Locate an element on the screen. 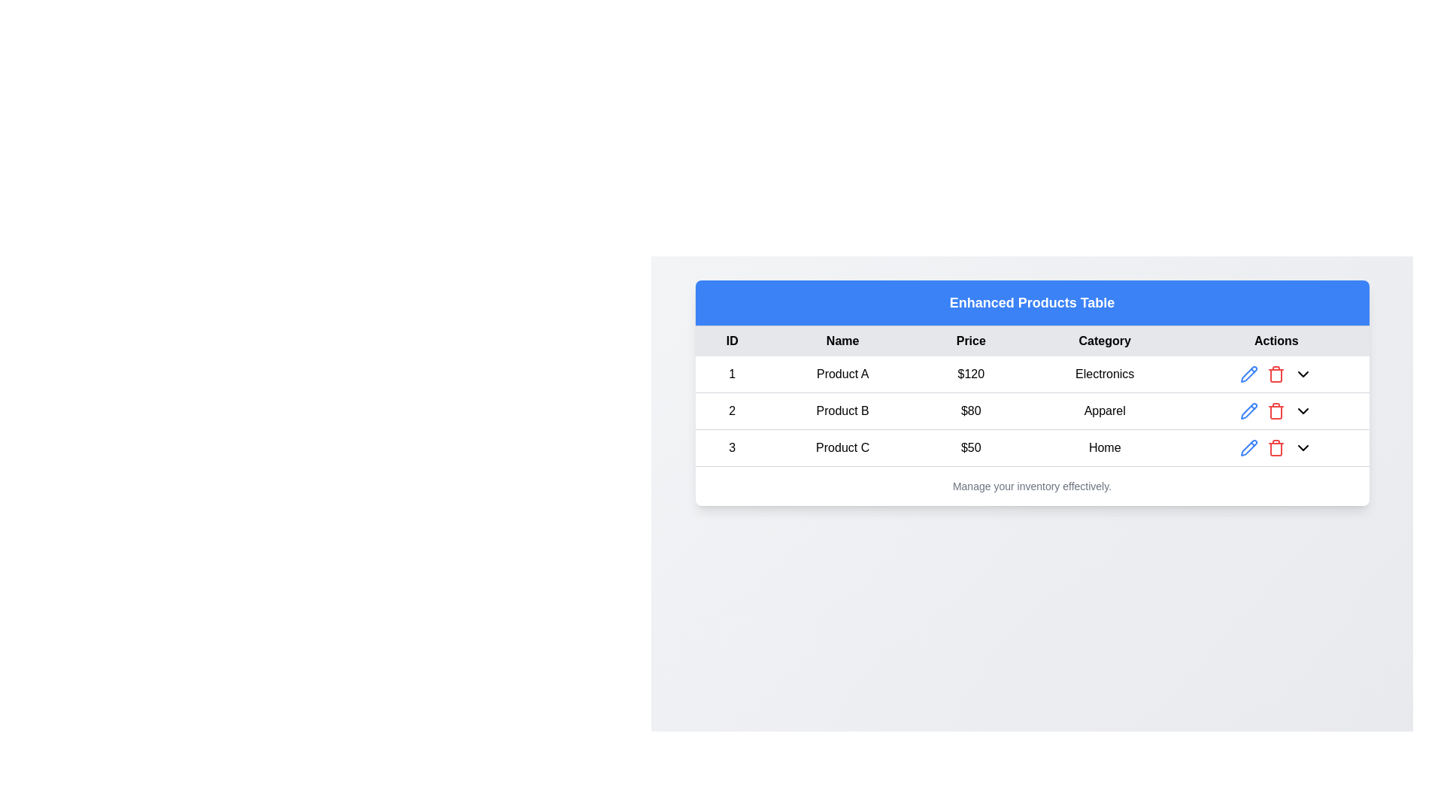 The image size is (1444, 812). the text display that identifies the sequence number for the row corresponding to 'Product A' in the first cell of the first row of the table is located at coordinates (732, 374).